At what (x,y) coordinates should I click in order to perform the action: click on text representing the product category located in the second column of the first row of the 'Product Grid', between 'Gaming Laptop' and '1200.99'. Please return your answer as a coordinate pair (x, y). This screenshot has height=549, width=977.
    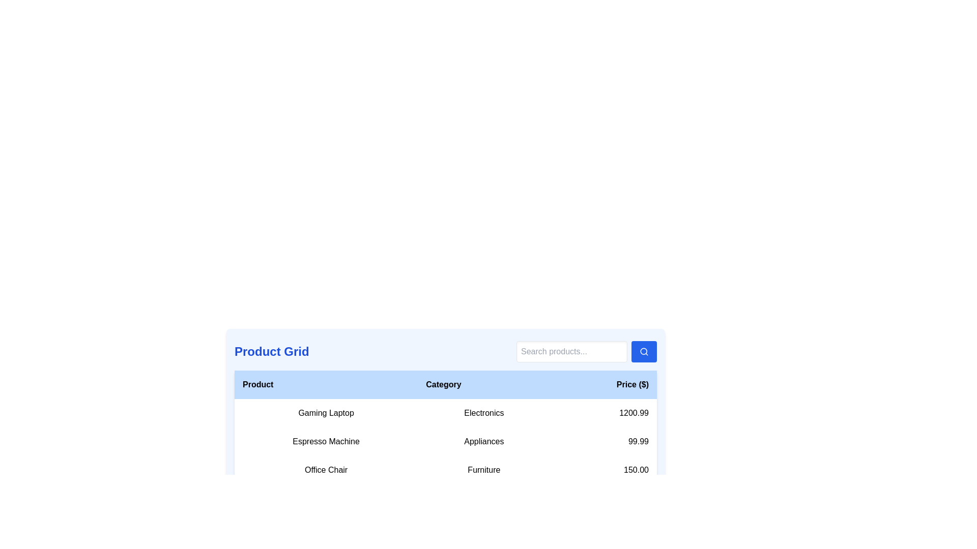
    Looking at the image, I should click on (483, 413).